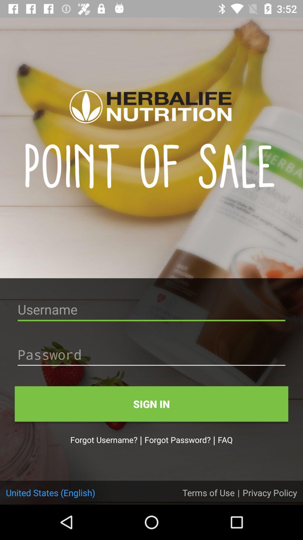  I want to click on the icon below the forgot password? item, so click(208, 492).